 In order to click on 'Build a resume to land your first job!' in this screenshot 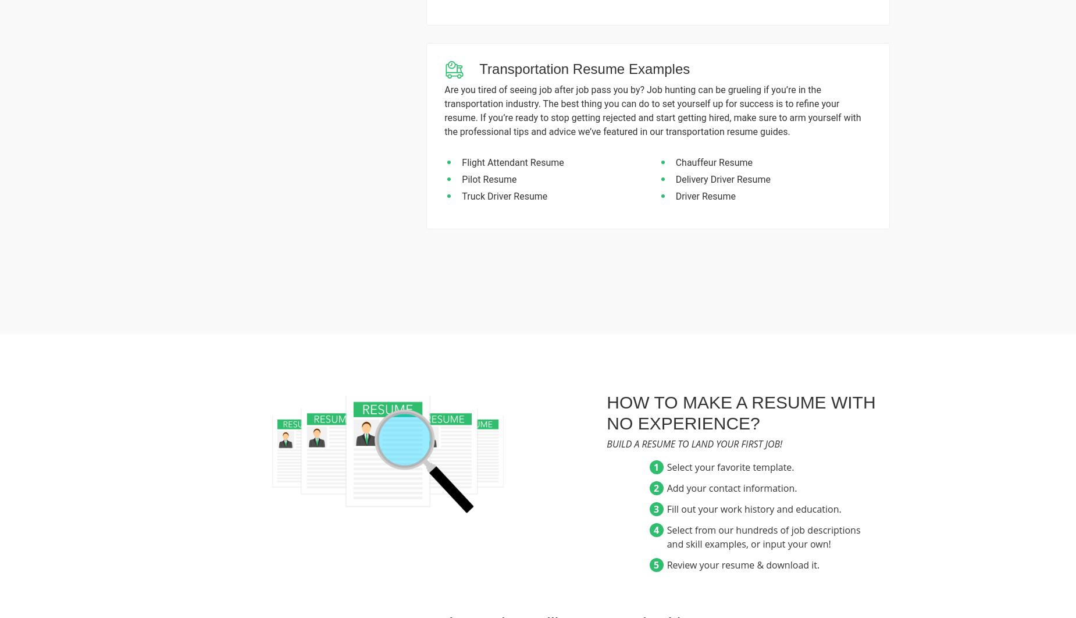, I will do `click(693, 444)`.